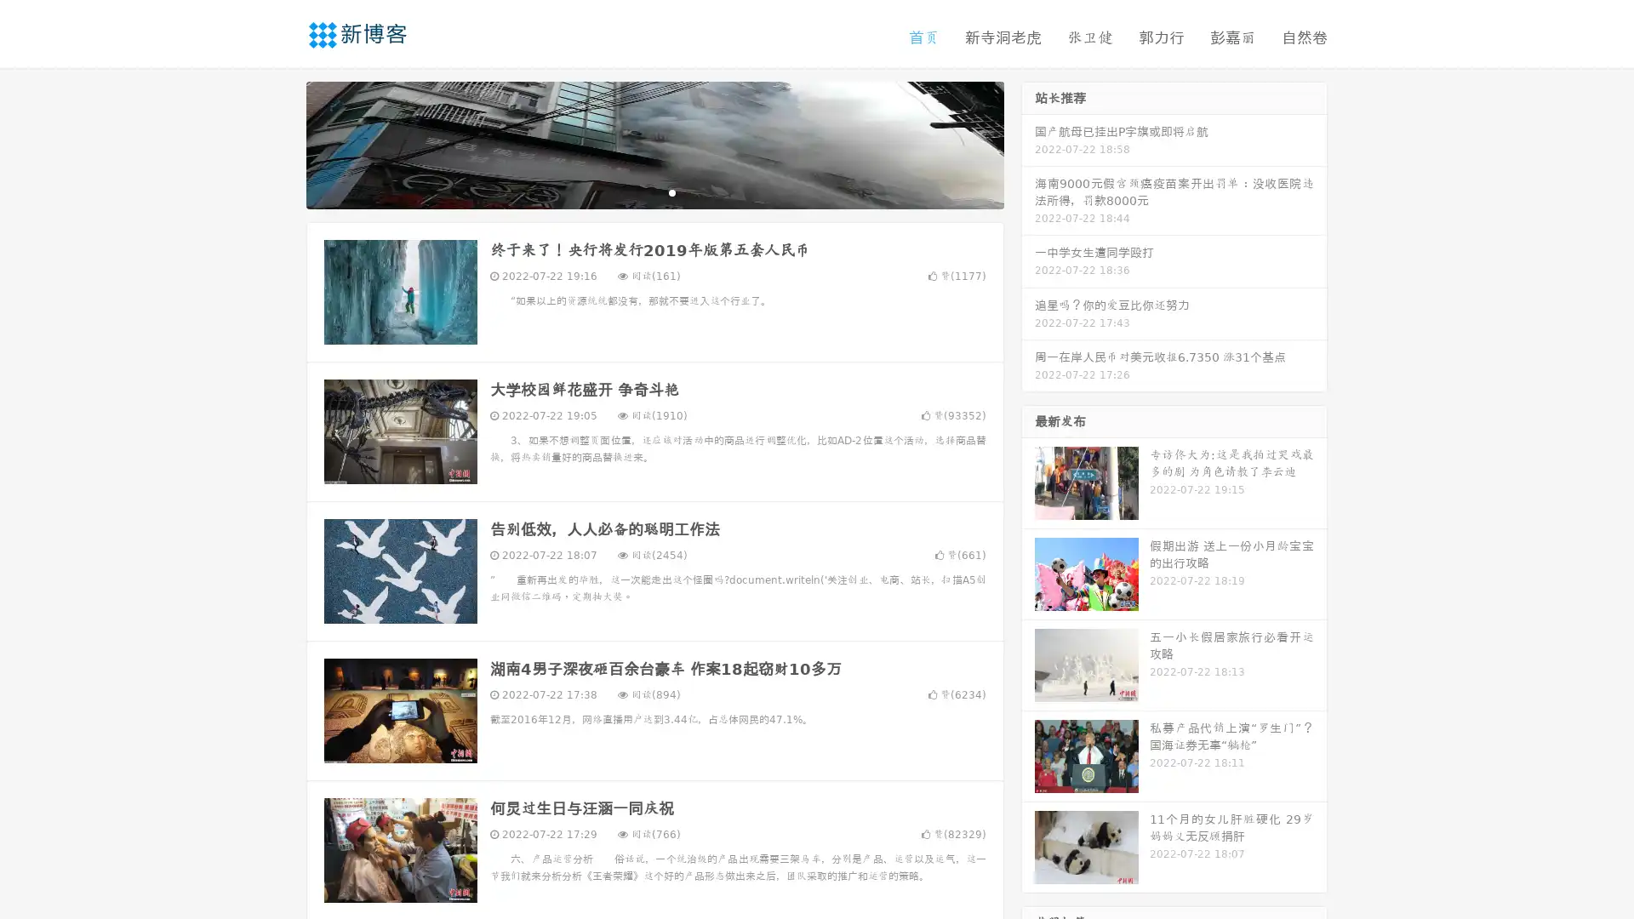  What do you see at coordinates (1028, 143) in the screenshot?
I see `Next slide` at bounding box center [1028, 143].